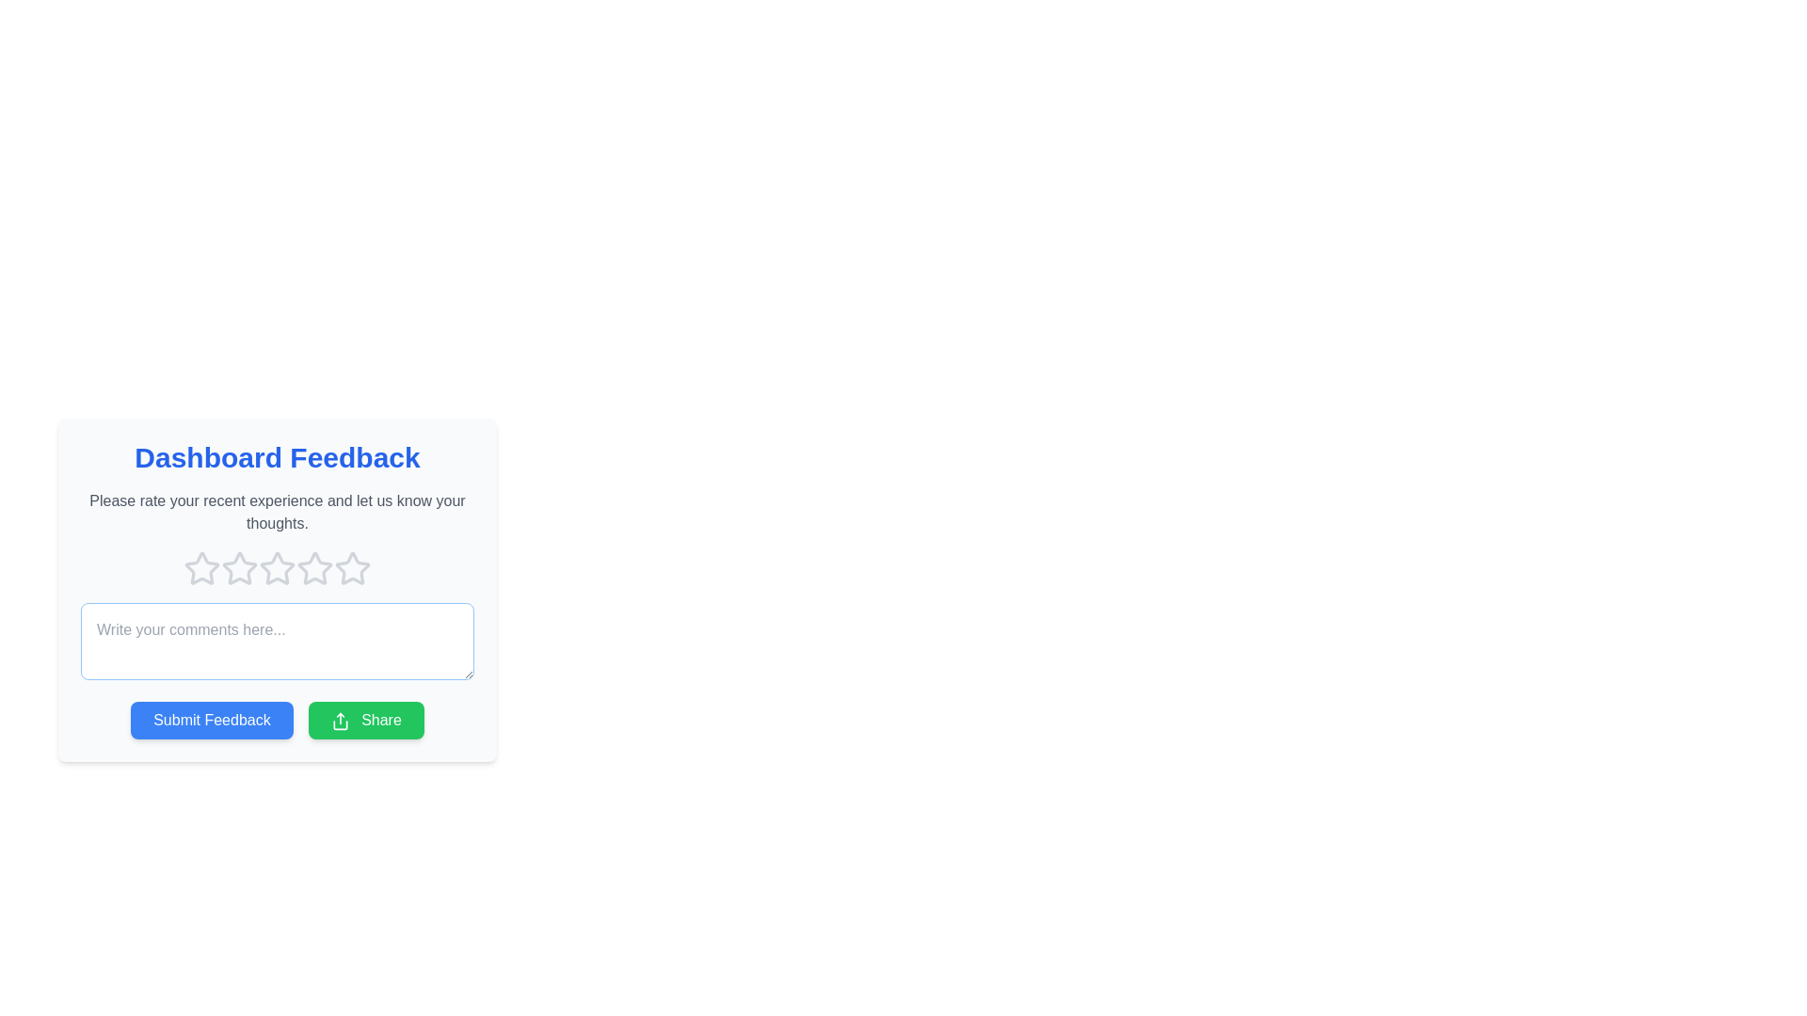 Image resolution: width=1807 pixels, height=1016 pixels. What do you see at coordinates (340, 720) in the screenshot?
I see `the share icon located to the left of the 'Share' text label within the green 'Share' button at the bottom right corner of the white feedback panel` at bounding box center [340, 720].